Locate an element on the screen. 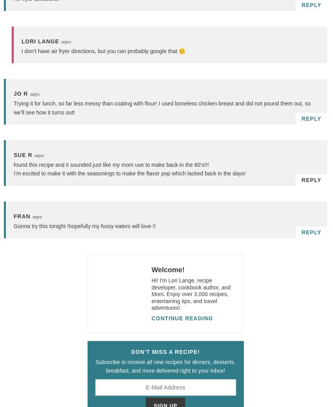 The width and height of the screenshot is (333, 407). 'Trying it for lunch, so far less messy than coating with flour! I used boneless chicken breast and did not pound them out, so we’ll see how it turns out!' is located at coordinates (162, 108).